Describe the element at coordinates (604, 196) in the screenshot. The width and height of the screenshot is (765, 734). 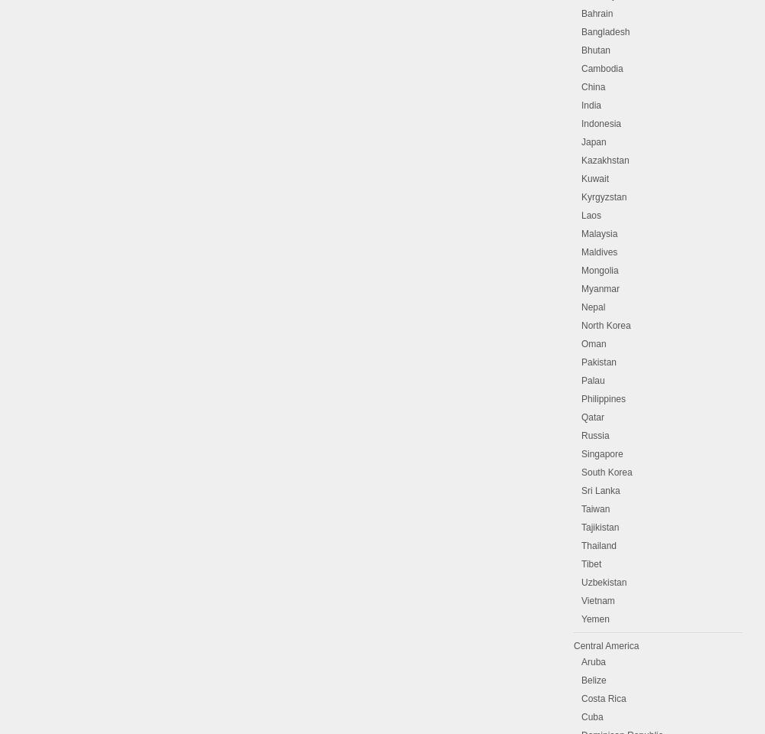
I see `'Kyrgyzstan'` at that location.